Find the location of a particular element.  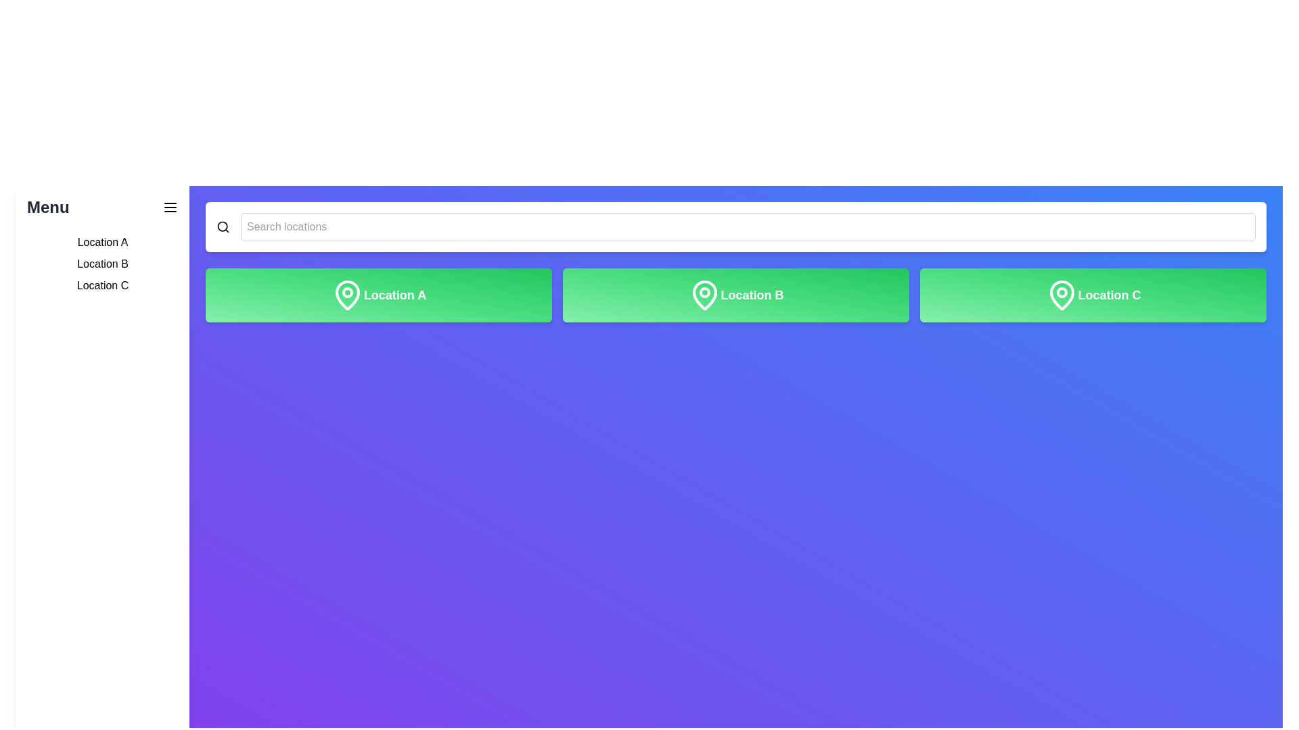

the search icon resembling a magnifying glass located in the top-right corner of the UI to initiate a search is located at coordinates (223, 226).